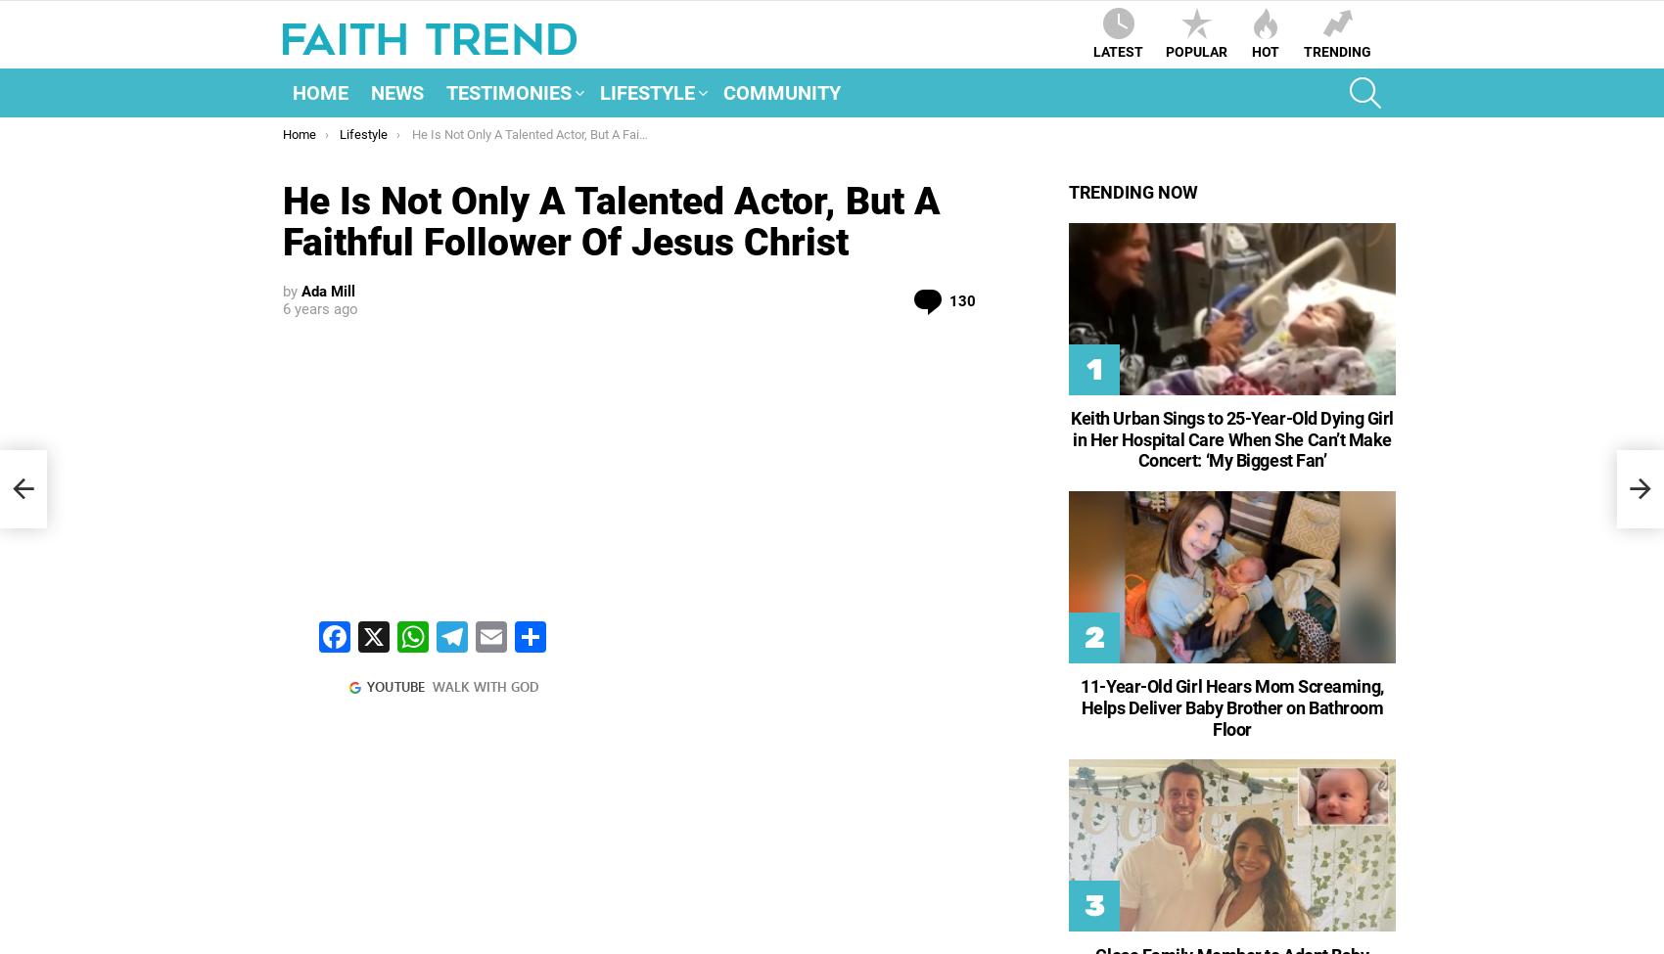 The width and height of the screenshot is (1664, 954). What do you see at coordinates (645, 214) in the screenshot?
I see `'Mission'` at bounding box center [645, 214].